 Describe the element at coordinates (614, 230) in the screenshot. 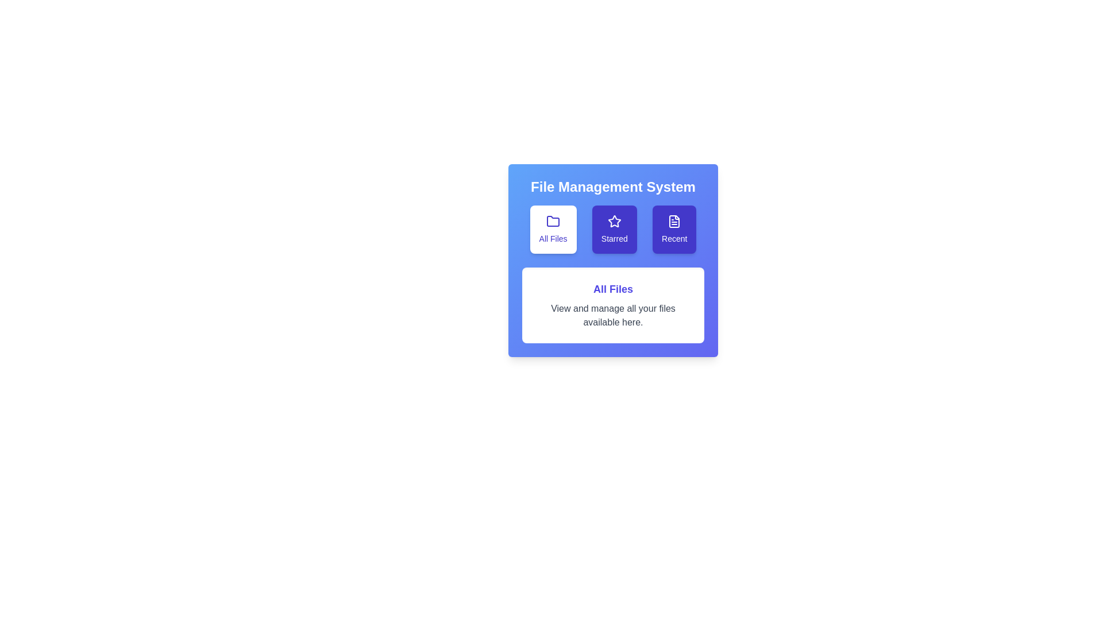

I see `the Starred tab to observe its hover effect` at that location.